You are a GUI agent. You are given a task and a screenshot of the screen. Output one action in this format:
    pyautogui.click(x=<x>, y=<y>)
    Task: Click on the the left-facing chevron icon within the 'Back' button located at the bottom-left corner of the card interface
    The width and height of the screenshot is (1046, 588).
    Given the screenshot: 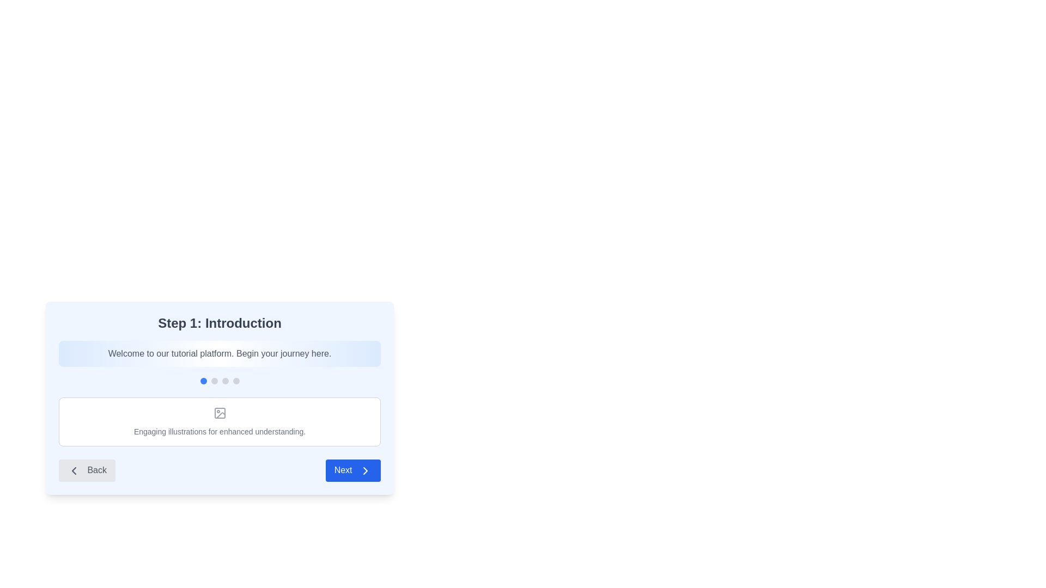 What is the action you would take?
    pyautogui.click(x=73, y=470)
    